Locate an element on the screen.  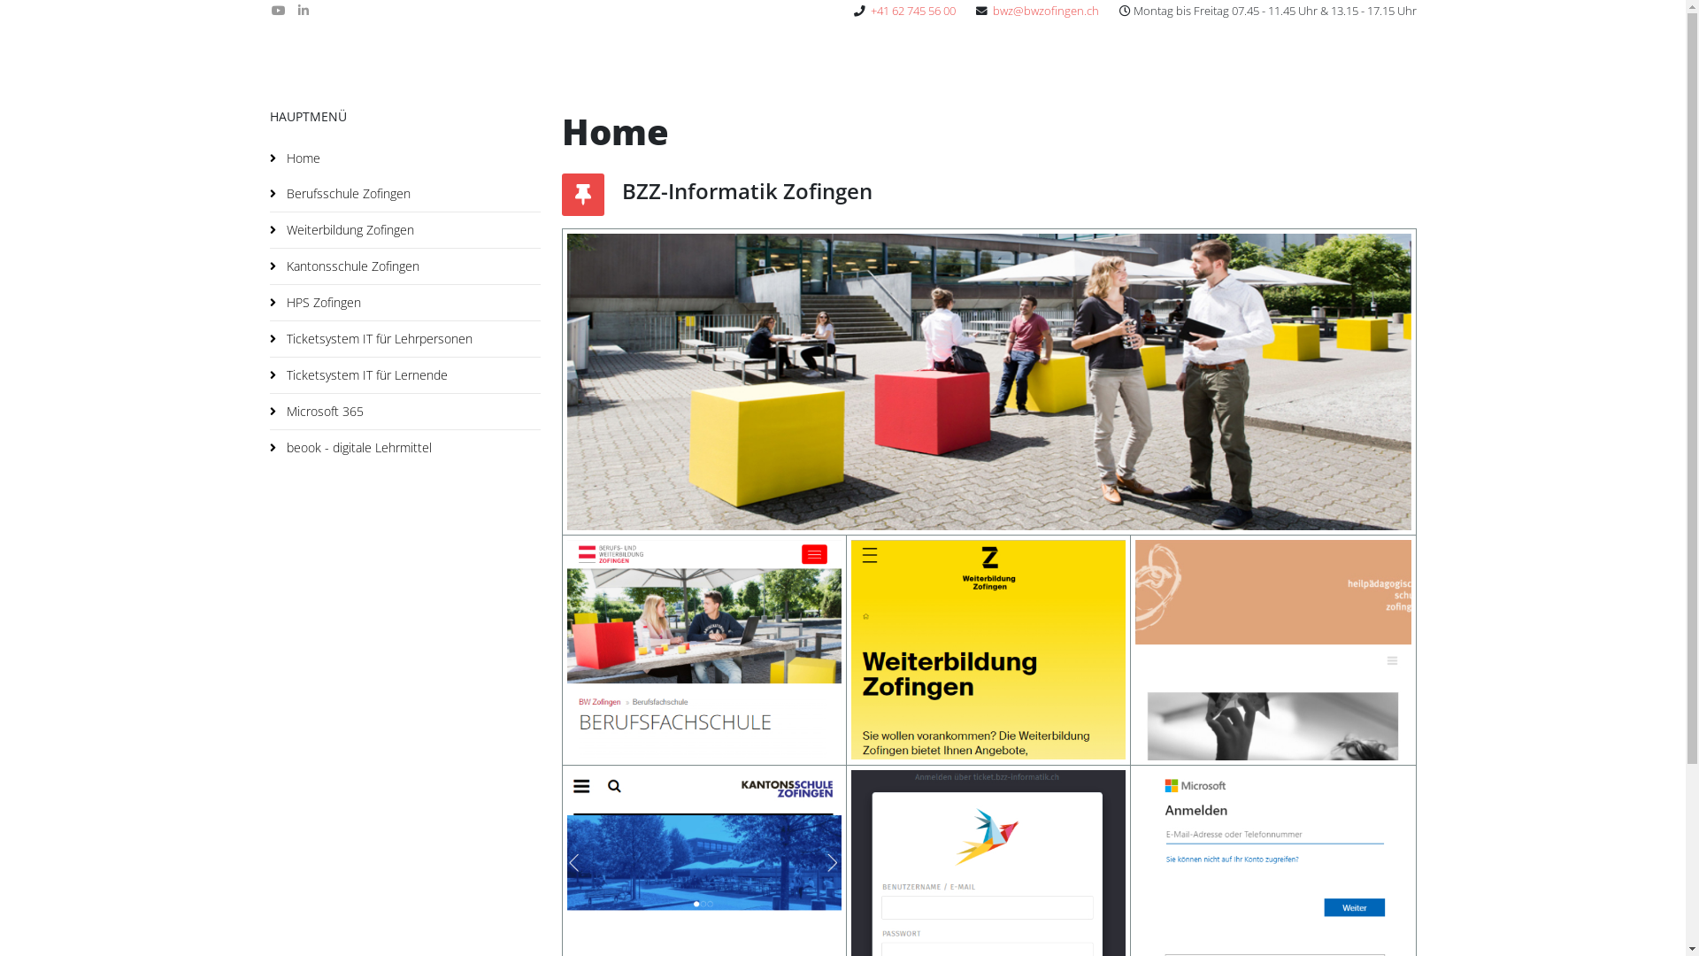
'HPS Zofingen' is located at coordinates (403, 302).